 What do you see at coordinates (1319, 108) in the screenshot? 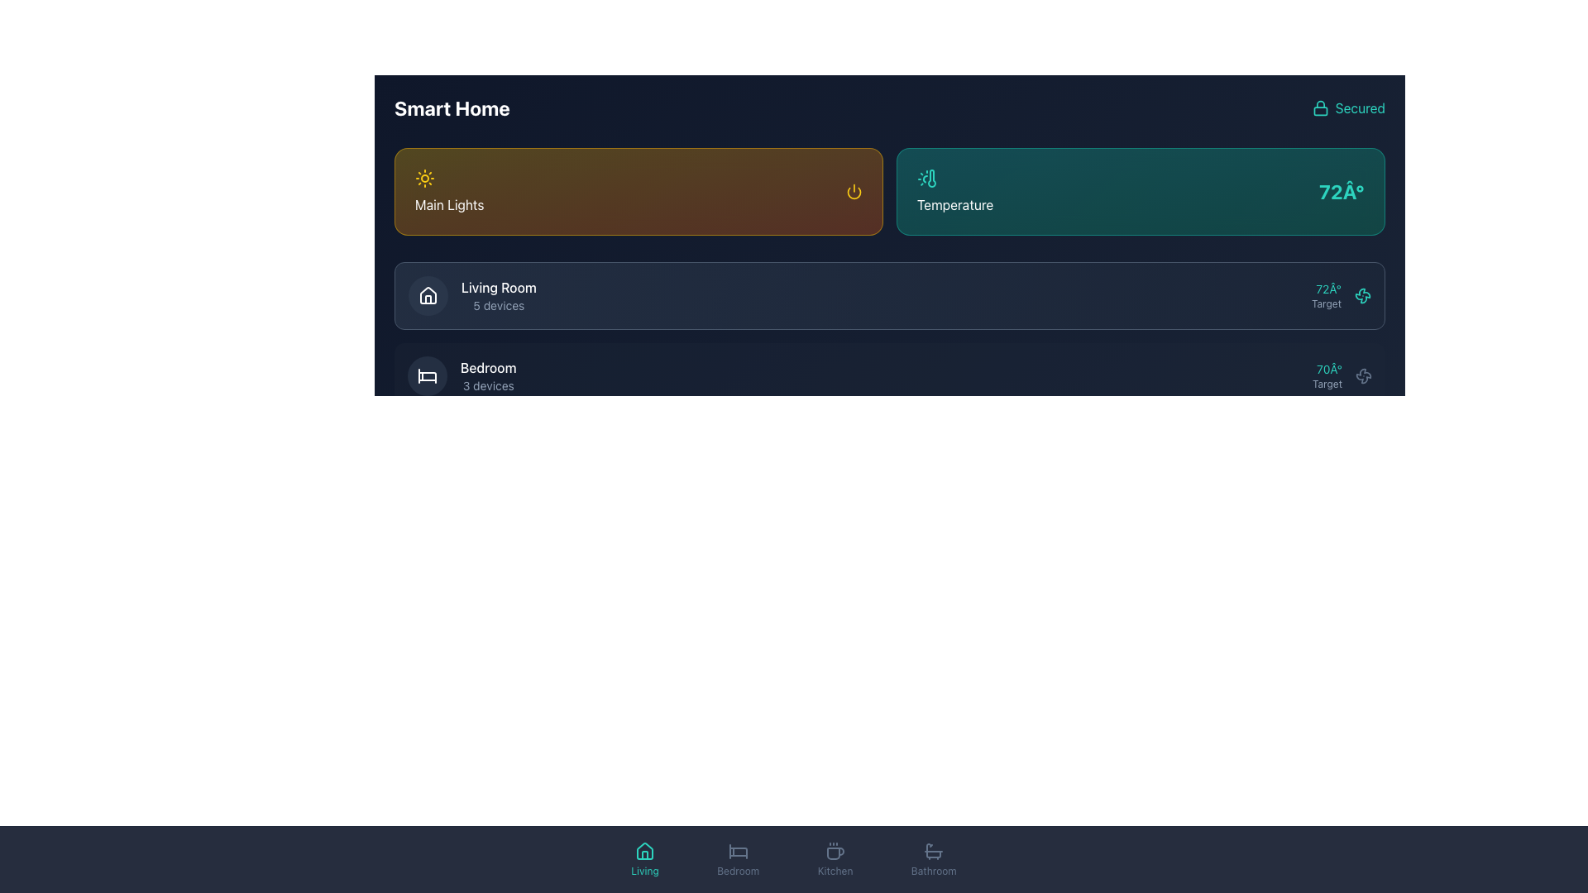
I see `the security indicator icon located at the top-right corner of the interface, preceding the text 'Secured'` at bounding box center [1319, 108].